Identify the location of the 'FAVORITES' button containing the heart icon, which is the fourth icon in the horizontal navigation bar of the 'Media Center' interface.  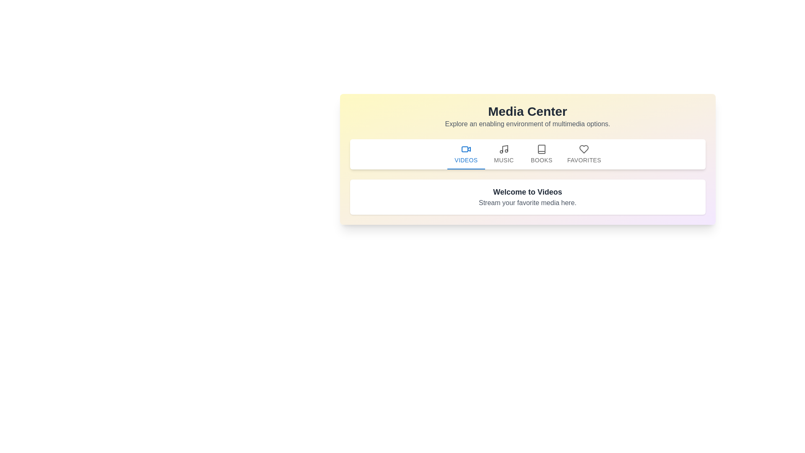
(584, 149).